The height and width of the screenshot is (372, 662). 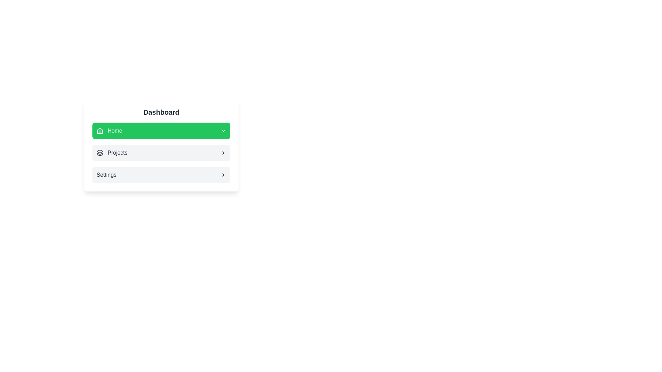 What do you see at coordinates (223, 175) in the screenshot?
I see `the right-oriented arrow icon in the 'Settings' menu entry, which is styled with a thin stroke and positioned in a gray box` at bounding box center [223, 175].